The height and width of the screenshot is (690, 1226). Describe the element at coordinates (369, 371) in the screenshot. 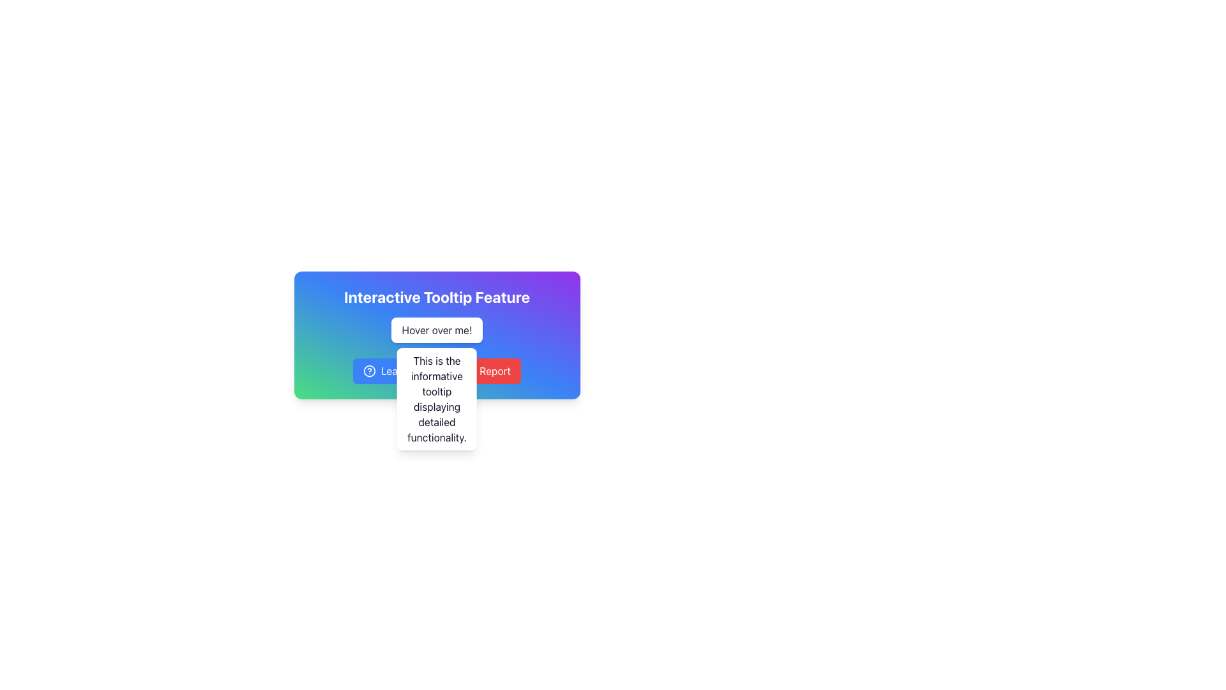

I see `SVG Circle element located at the bottom-left corner of the tooltip component, which is part of an icon next to the 'Learn More' and 'Report' buttons, using developer tools` at that location.